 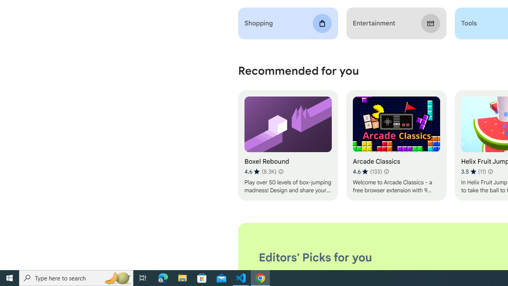 I want to click on 'Learn more about results and reviews "Arcade Classics"', so click(x=386, y=171).